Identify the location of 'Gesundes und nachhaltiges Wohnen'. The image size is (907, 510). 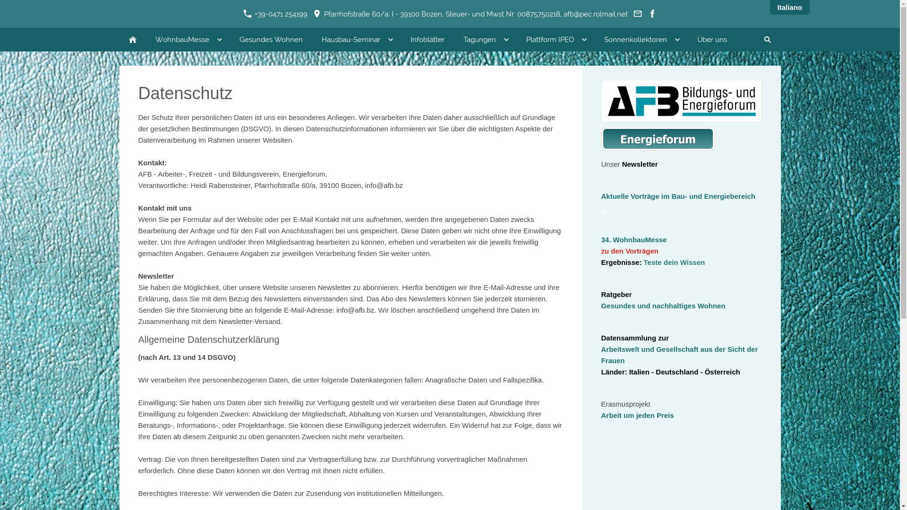
(662, 306).